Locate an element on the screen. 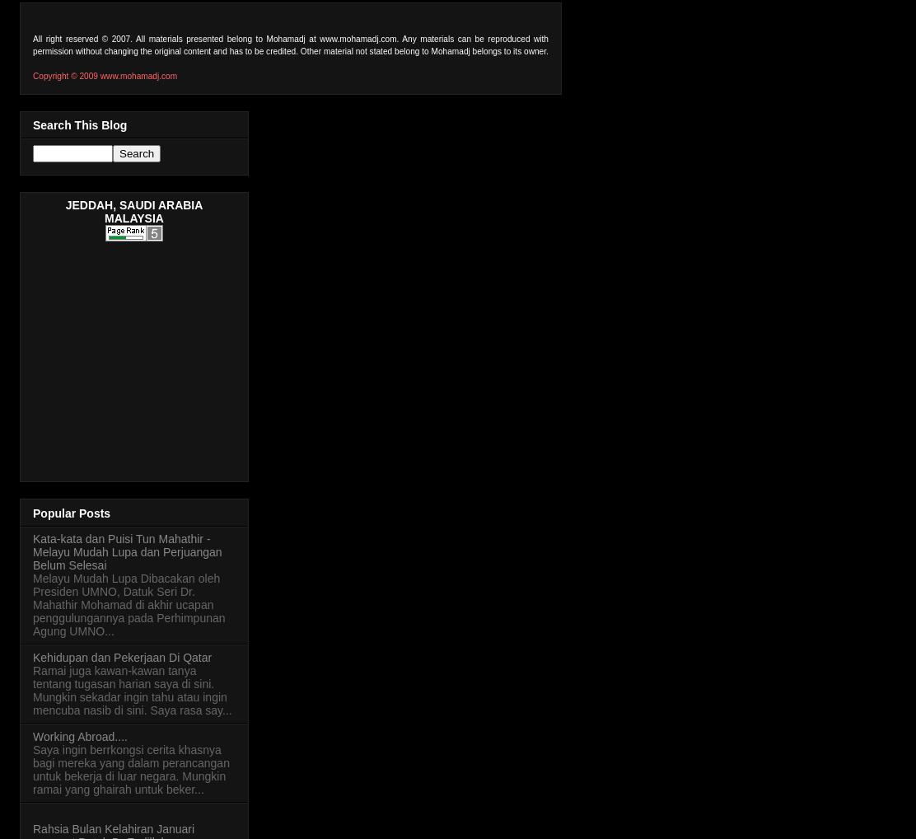 The height and width of the screenshot is (839, 916). 'Ramai juga kawan-kawan tanya tentang tugasan harian saya di sini. Mungkin sekadar ingin tahu atau ingin mencuba nasib di sini. Saya rasa say...' is located at coordinates (132, 688).